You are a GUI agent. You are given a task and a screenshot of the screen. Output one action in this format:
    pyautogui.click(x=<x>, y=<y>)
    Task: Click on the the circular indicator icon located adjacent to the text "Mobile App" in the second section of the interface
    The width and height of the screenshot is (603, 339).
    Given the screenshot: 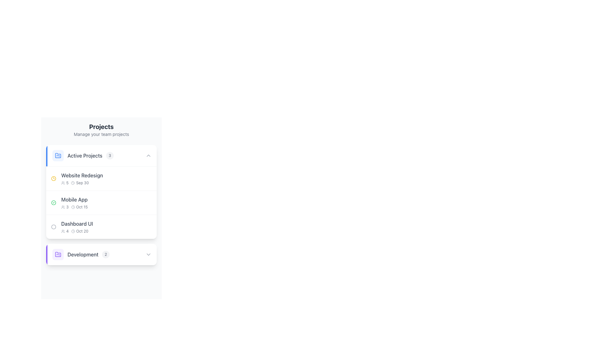 What is the action you would take?
    pyautogui.click(x=54, y=202)
    